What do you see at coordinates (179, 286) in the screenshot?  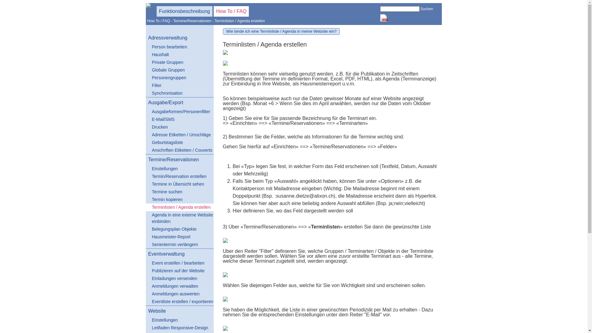 I see `'Anmeldungen verwalten'` at bounding box center [179, 286].